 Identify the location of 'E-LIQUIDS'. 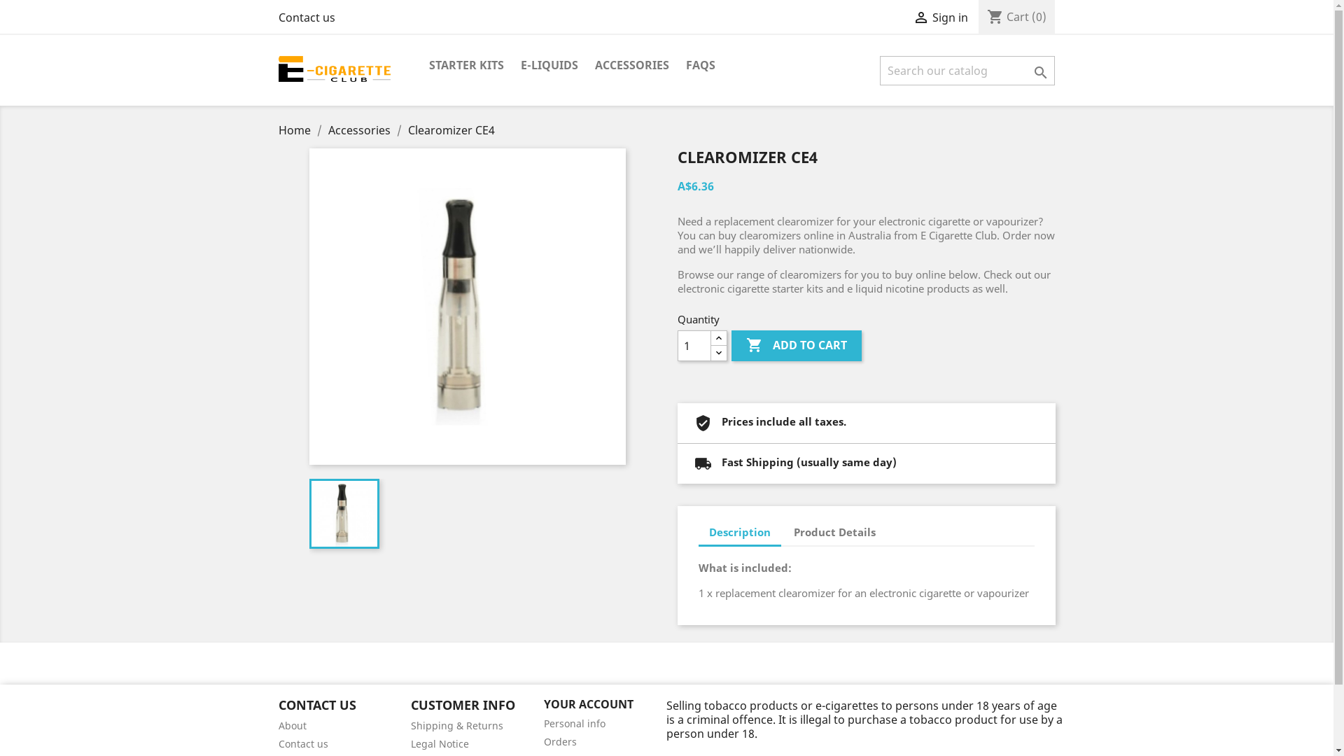
(549, 66).